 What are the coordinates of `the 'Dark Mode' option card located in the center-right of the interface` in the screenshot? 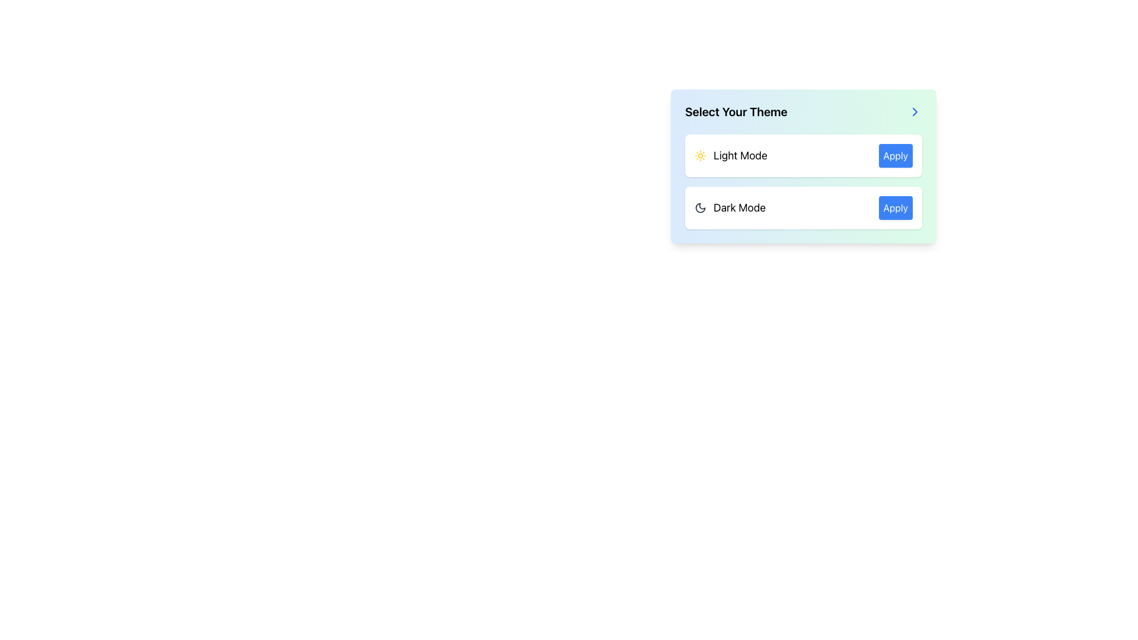 It's located at (804, 191).